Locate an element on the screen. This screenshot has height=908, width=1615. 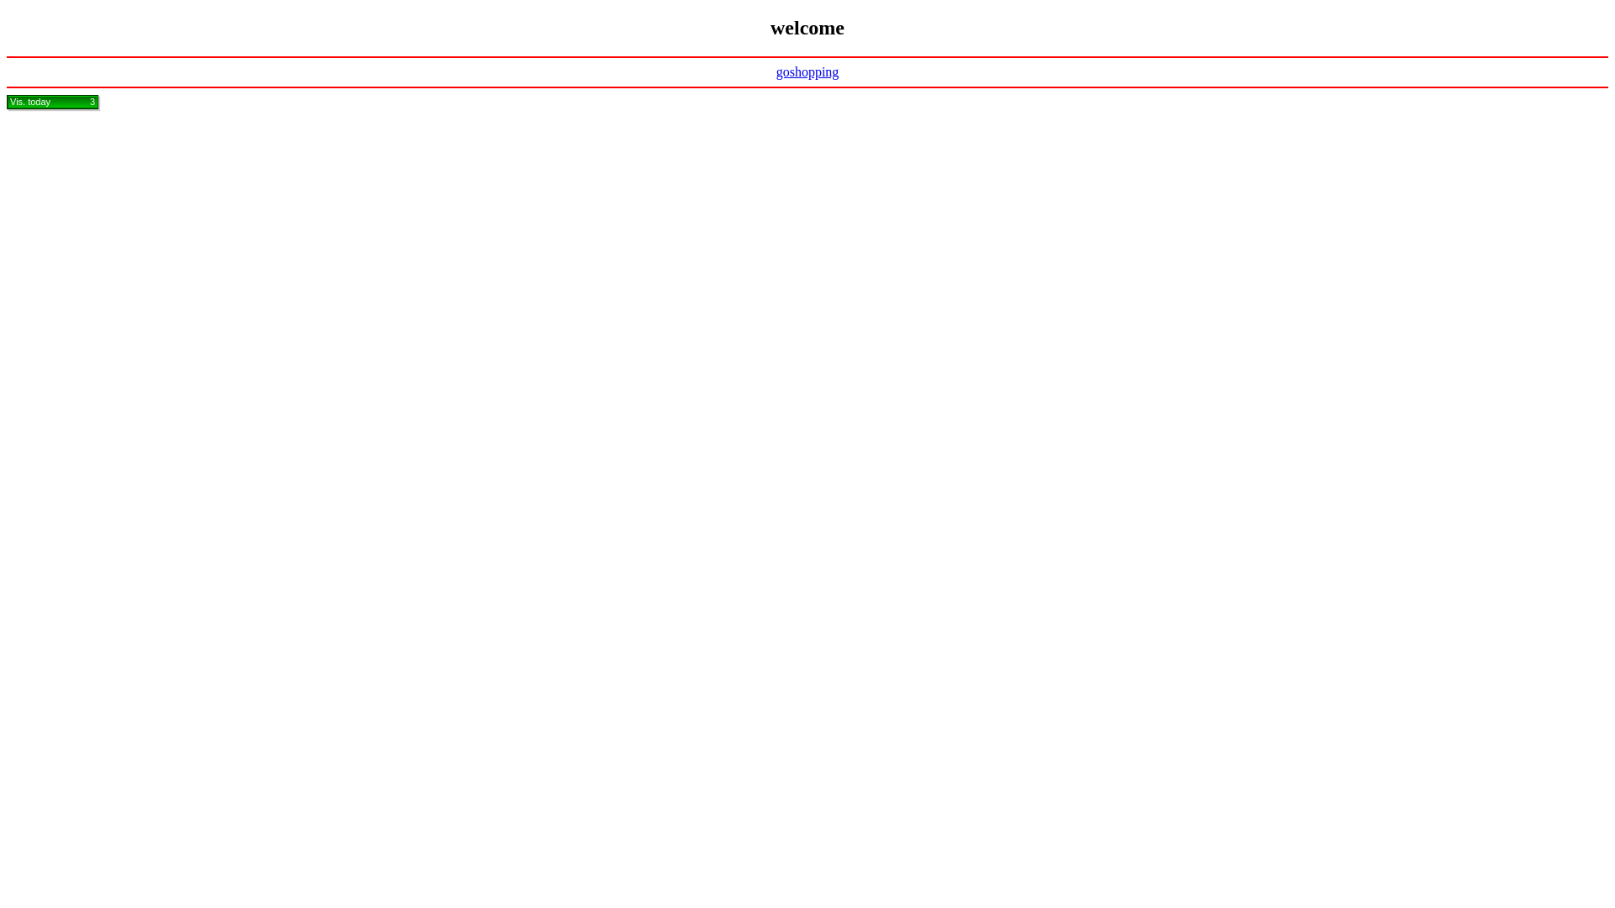
'goshopping' is located at coordinates (775, 71).